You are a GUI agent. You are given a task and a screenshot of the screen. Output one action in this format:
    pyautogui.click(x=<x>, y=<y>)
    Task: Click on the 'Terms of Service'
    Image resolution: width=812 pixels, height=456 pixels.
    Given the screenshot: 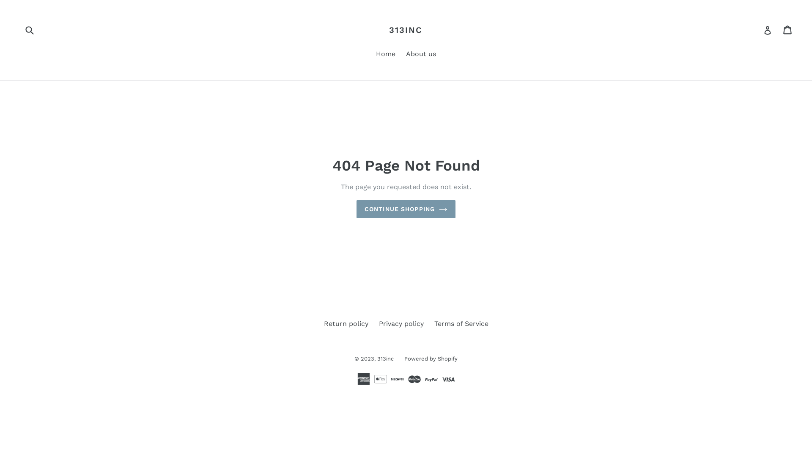 What is the action you would take?
    pyautogui.click(x=460, y=323)
    